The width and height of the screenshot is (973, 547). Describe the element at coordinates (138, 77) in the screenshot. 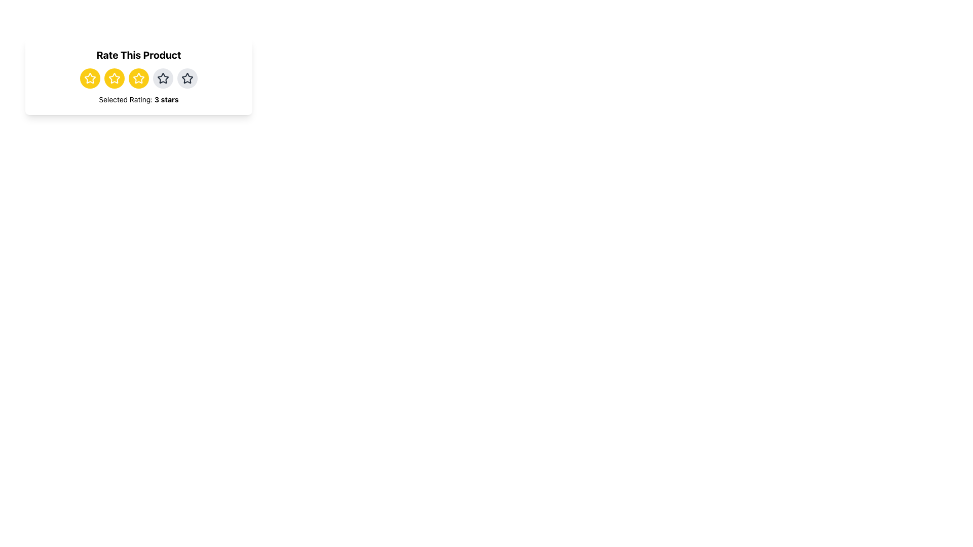

I see `the third button in the horizontal sequence of five within the 'Rate This Product' box` at that location.